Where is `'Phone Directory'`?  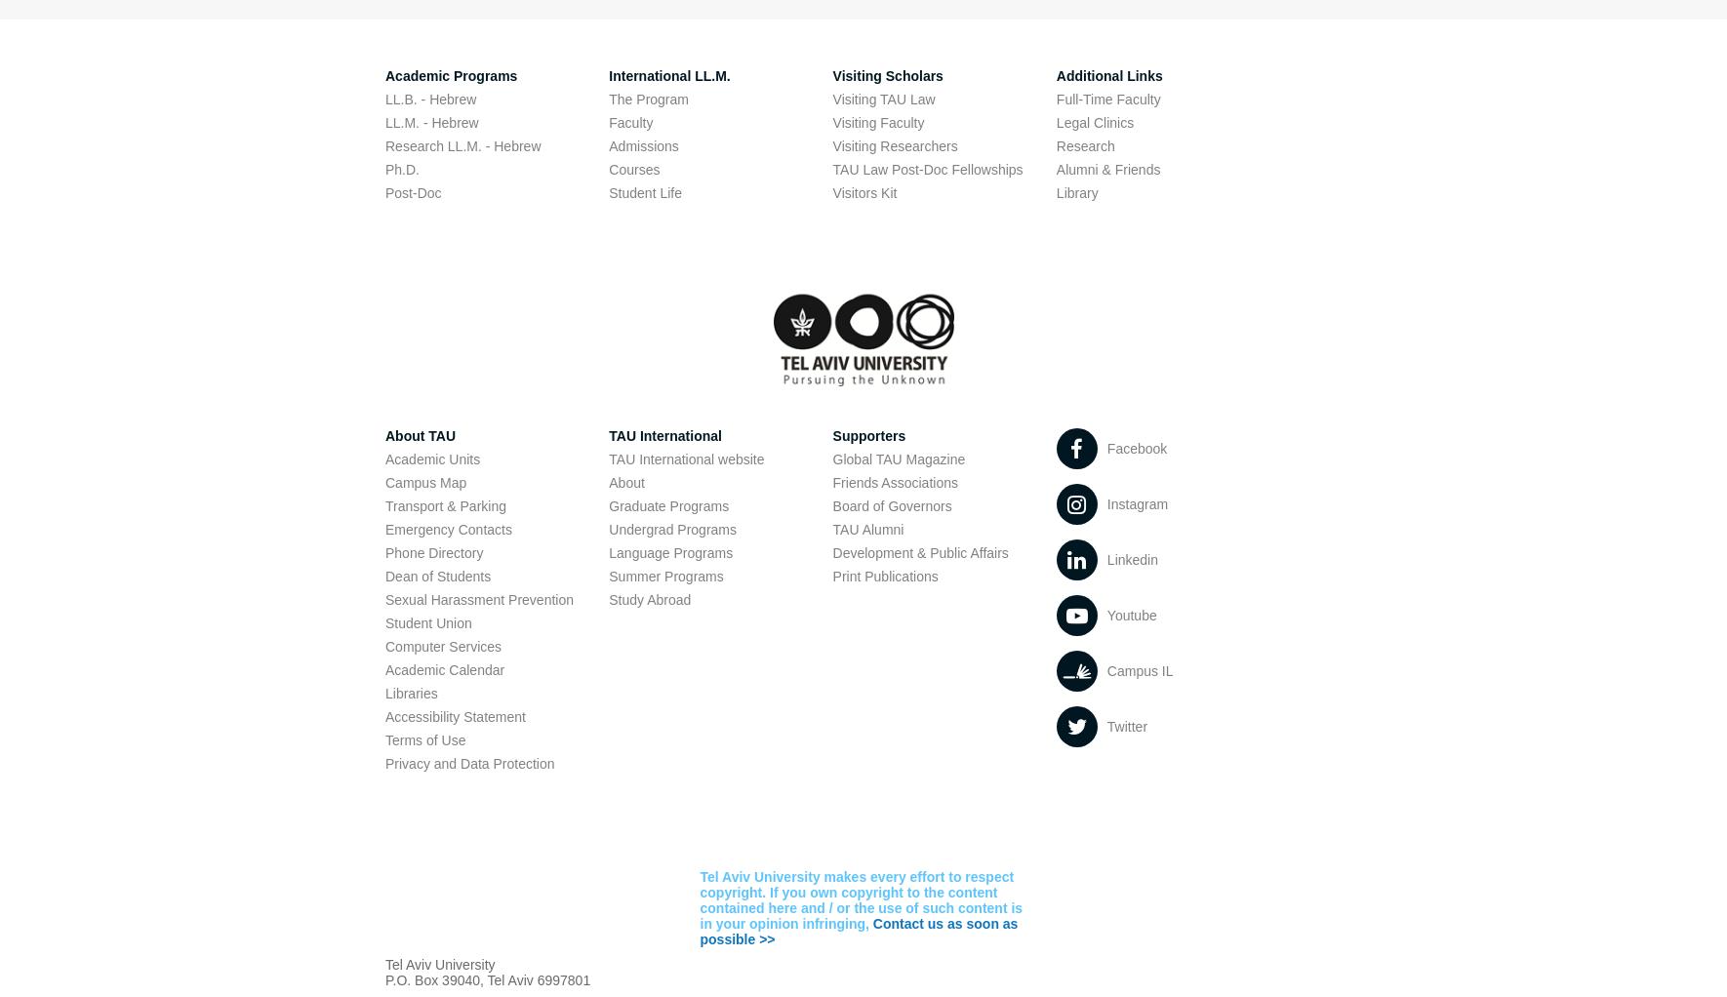
'Phone Directory' is located at coordinates (433, 553).